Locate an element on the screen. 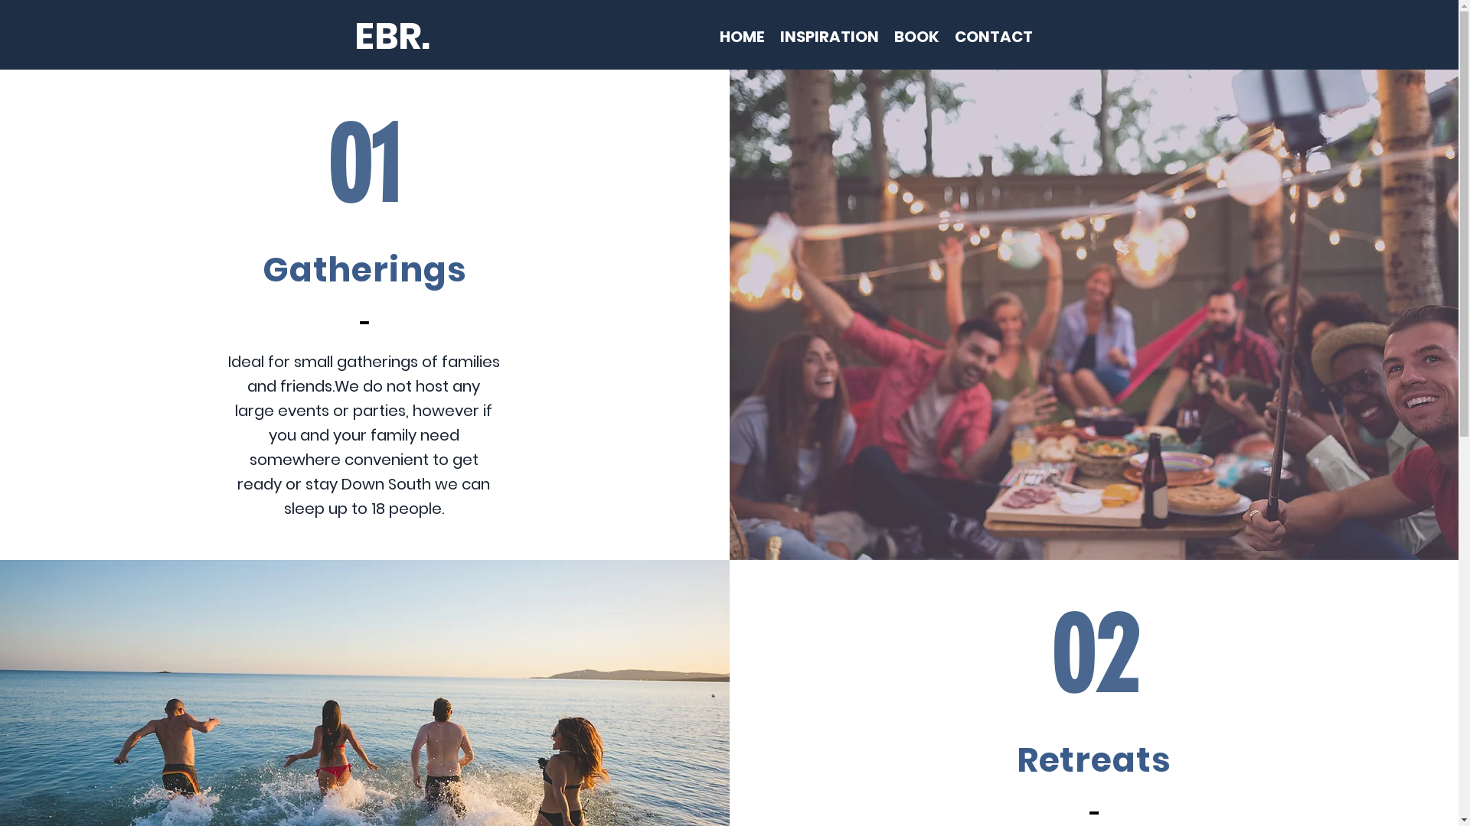 The image size is (1470, 826). 'BOOK' is located at coordinates (916, 35).